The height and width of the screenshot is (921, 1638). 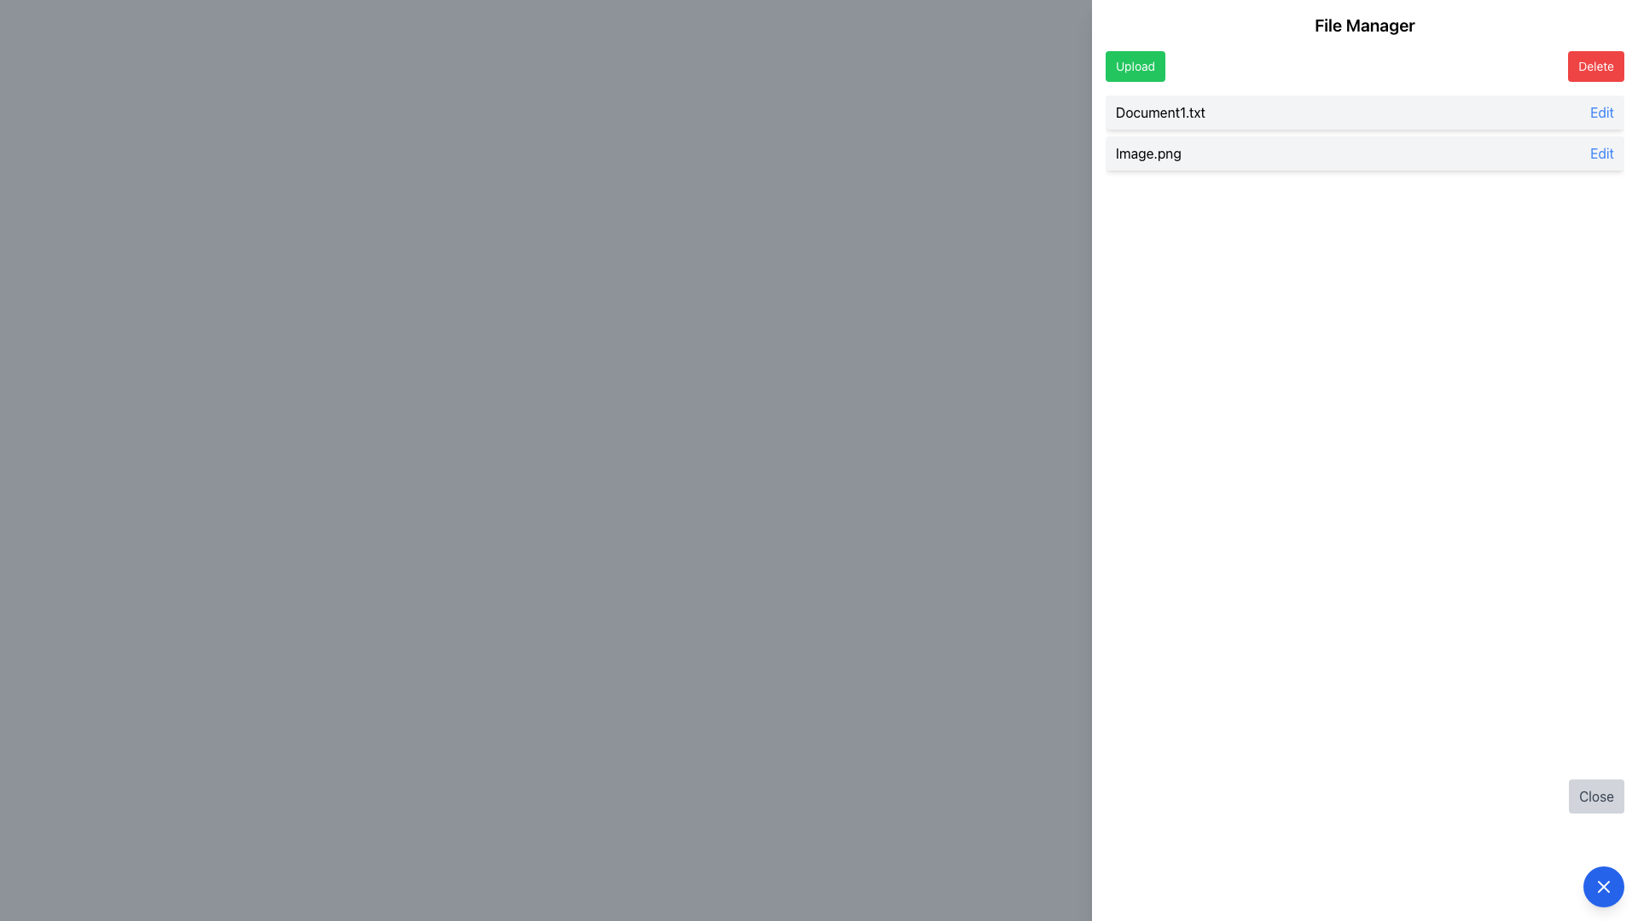 I want to click on the static text element displaying the file name 'Document1.txt' in the file entry list, so click(x=1160, y=112).